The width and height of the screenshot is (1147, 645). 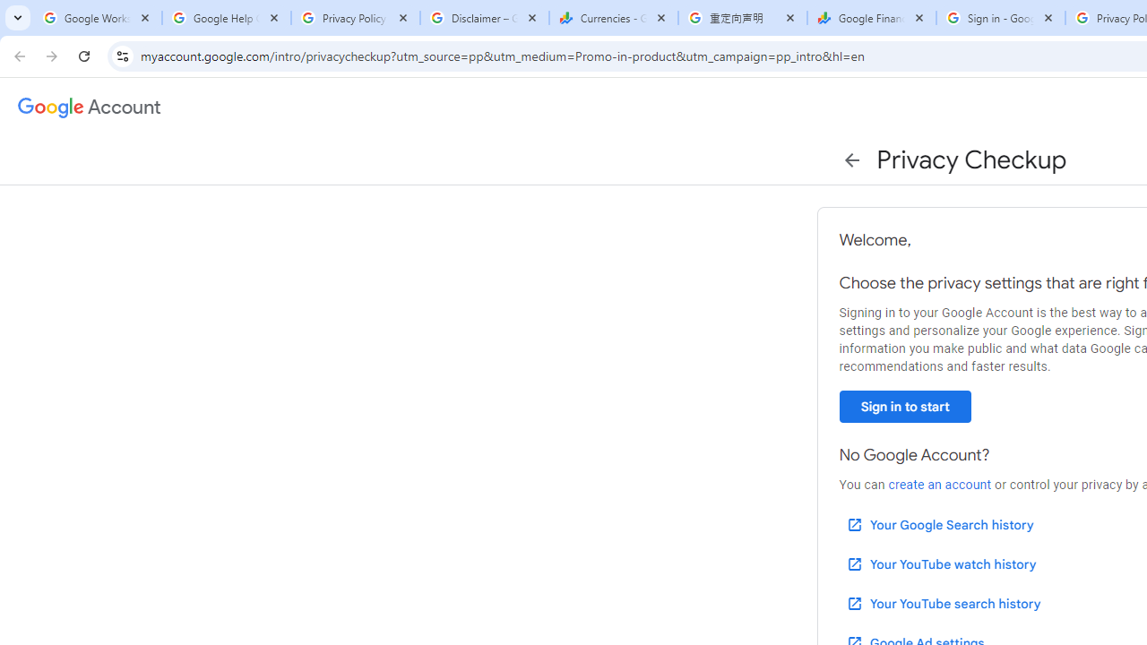 What do you see at coordinates (999, 18) in the screenshot?
I see `'Sign in - Google Accounts'` at bounding box center [999, 18].